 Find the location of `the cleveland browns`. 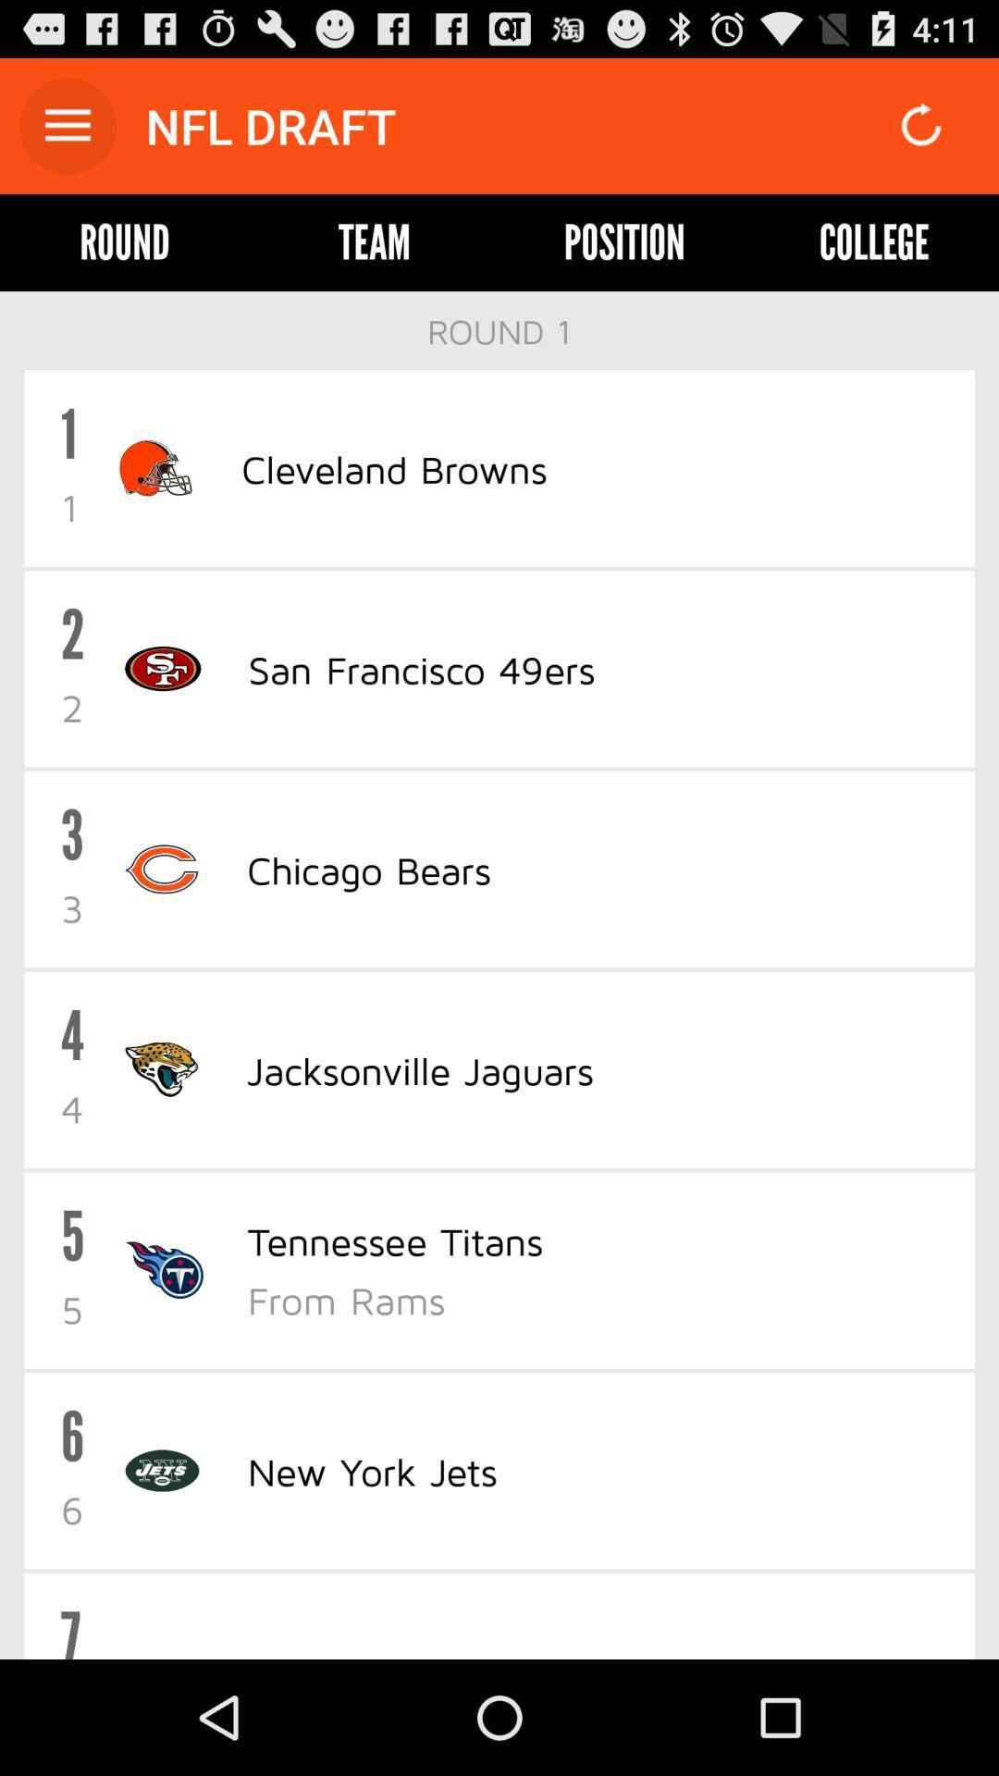

the cleveland browns is located at coordinates (393, 468).